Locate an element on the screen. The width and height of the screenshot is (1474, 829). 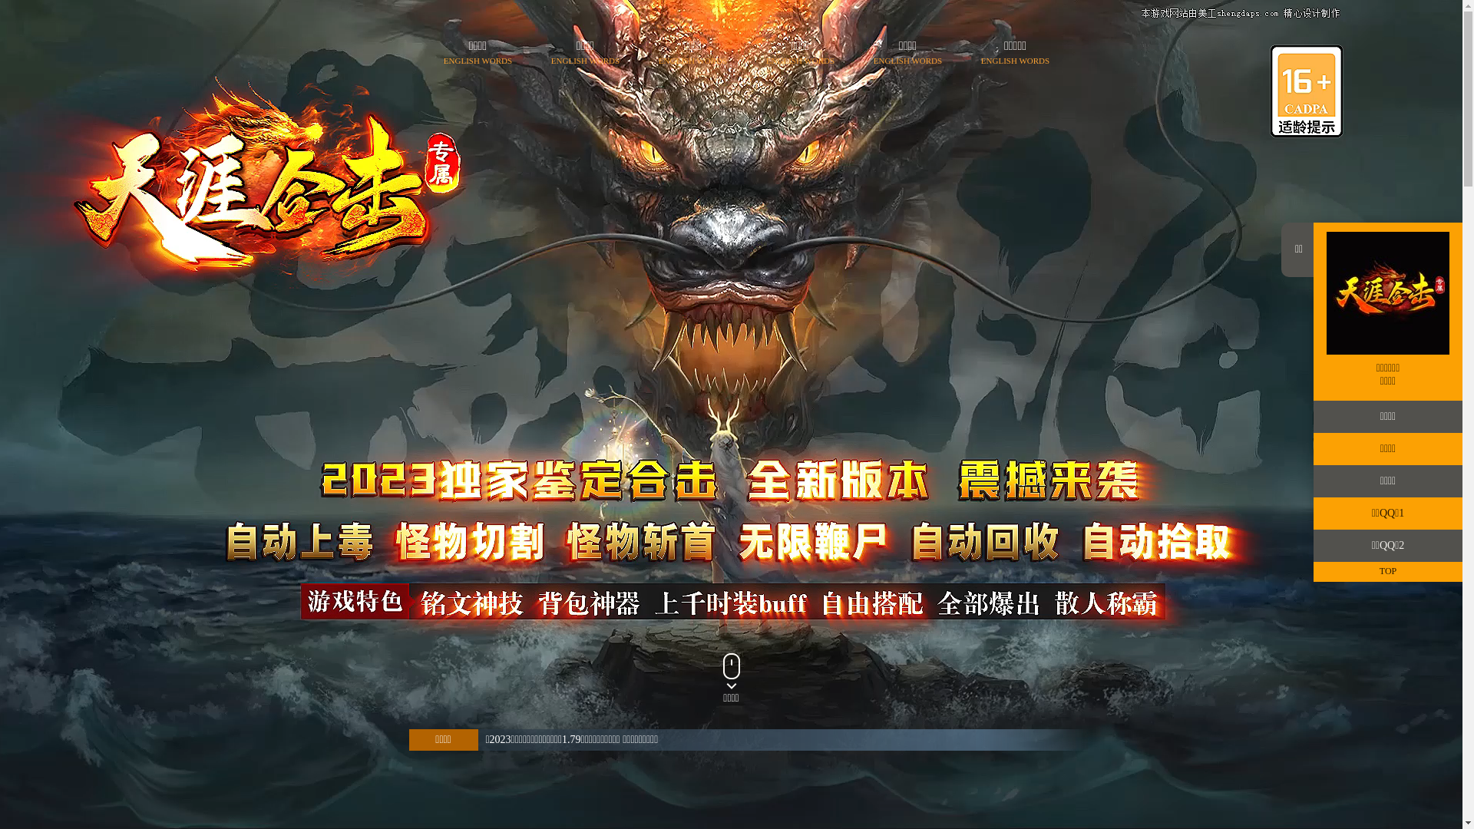
'TOP' is located at coordinates (1388, 571).